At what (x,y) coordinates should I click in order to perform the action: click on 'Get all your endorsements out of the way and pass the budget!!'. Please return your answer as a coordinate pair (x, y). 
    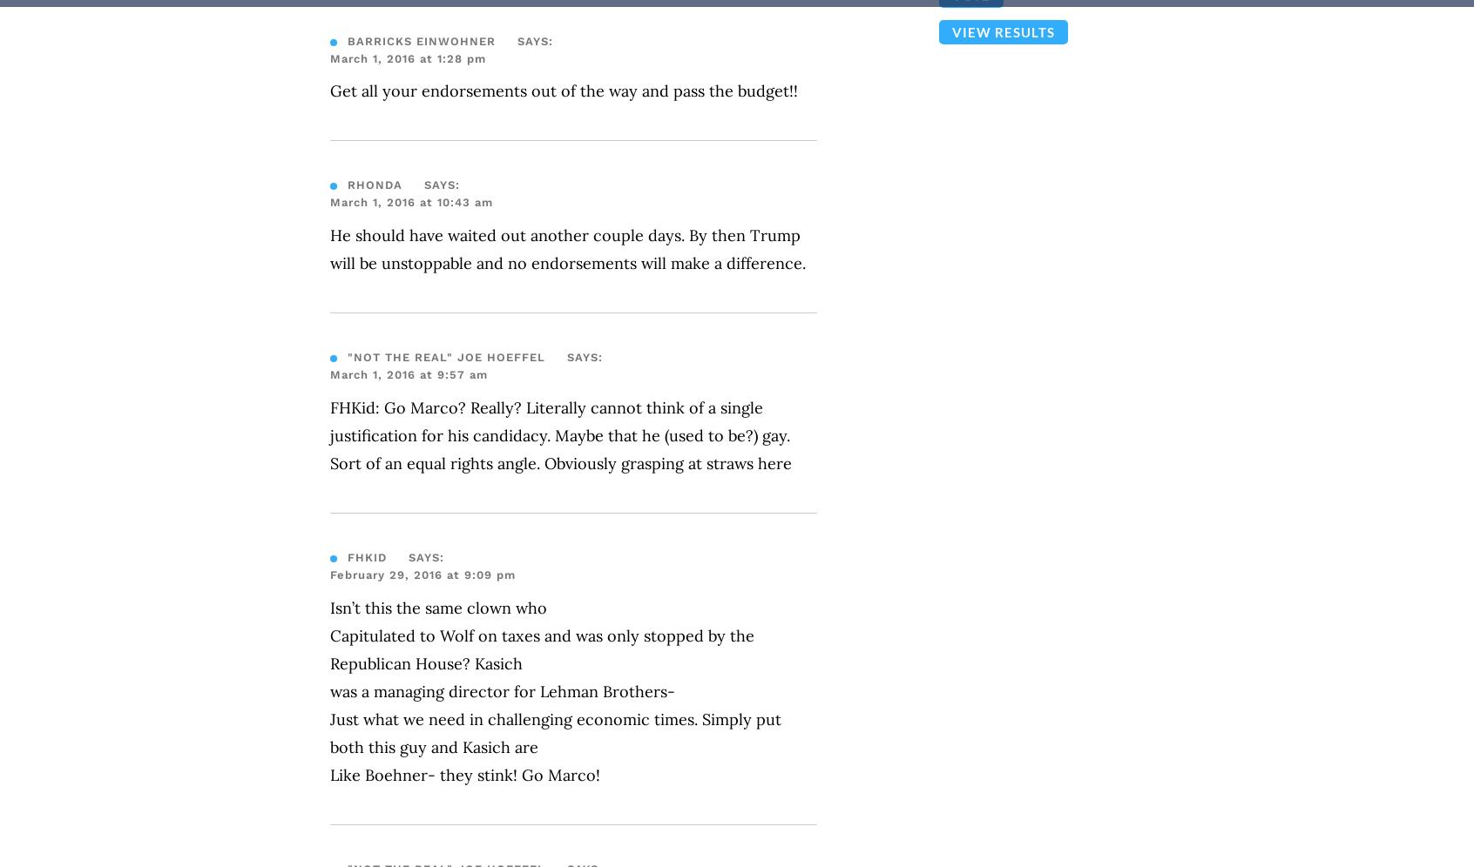
    Looking at the image, I should click on (564, 91).